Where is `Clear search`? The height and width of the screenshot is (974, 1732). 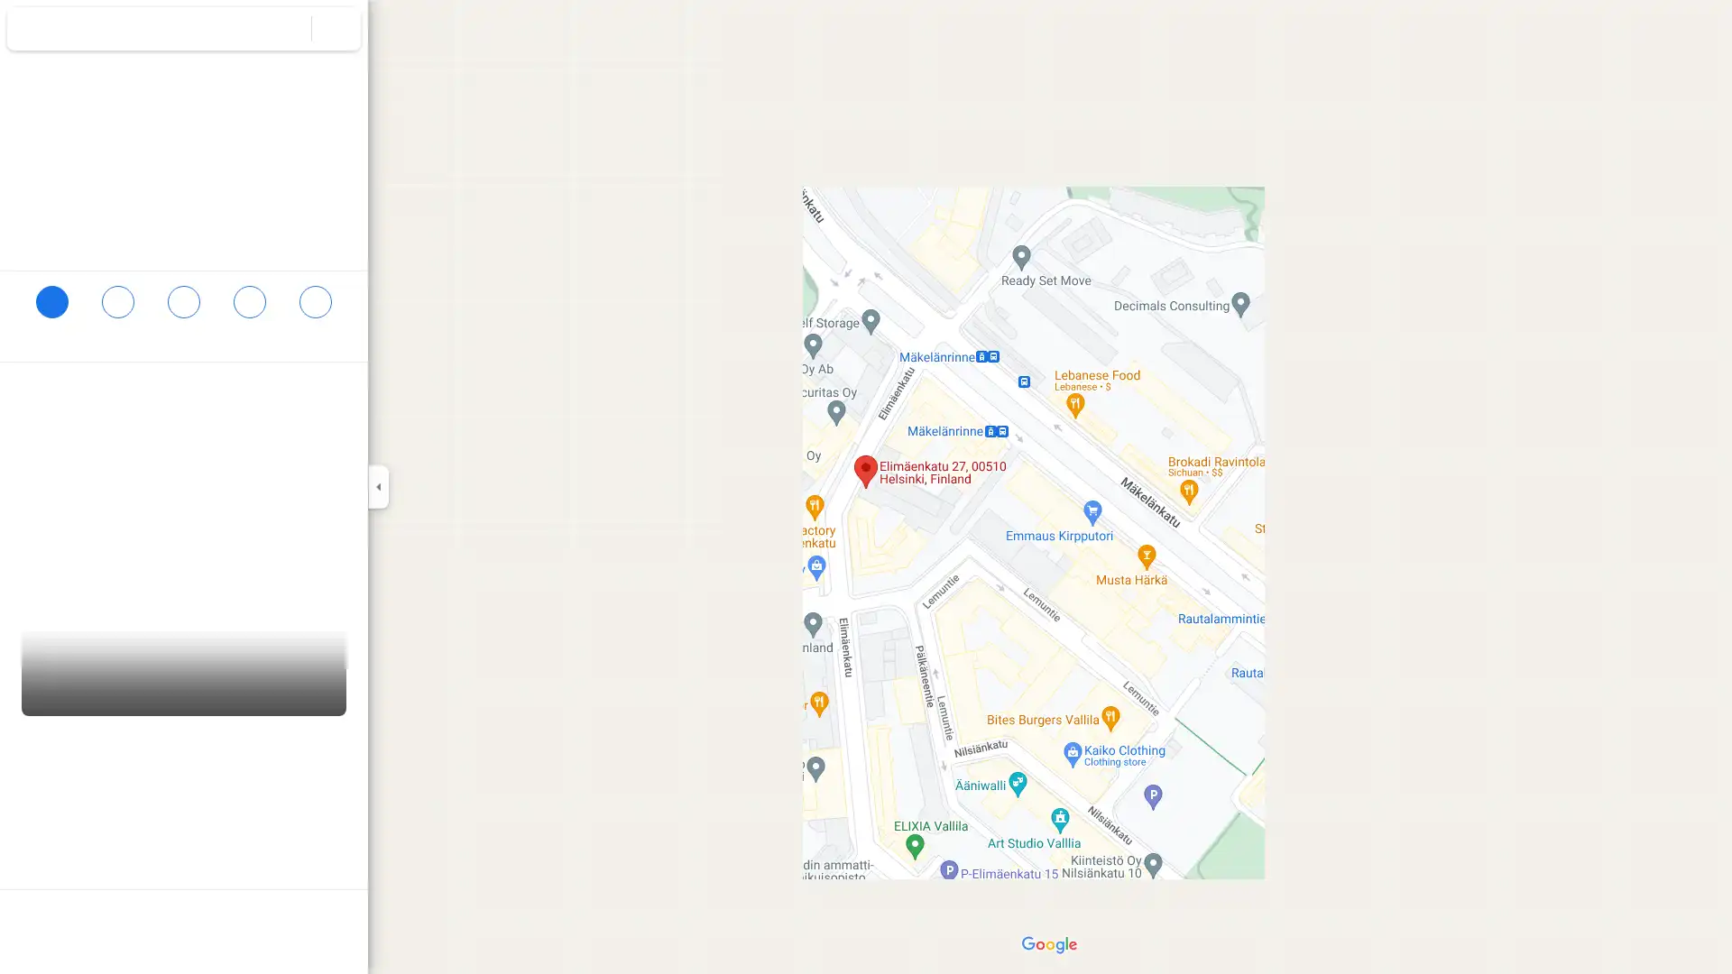 Clear search is located at coordinates (336, 28).